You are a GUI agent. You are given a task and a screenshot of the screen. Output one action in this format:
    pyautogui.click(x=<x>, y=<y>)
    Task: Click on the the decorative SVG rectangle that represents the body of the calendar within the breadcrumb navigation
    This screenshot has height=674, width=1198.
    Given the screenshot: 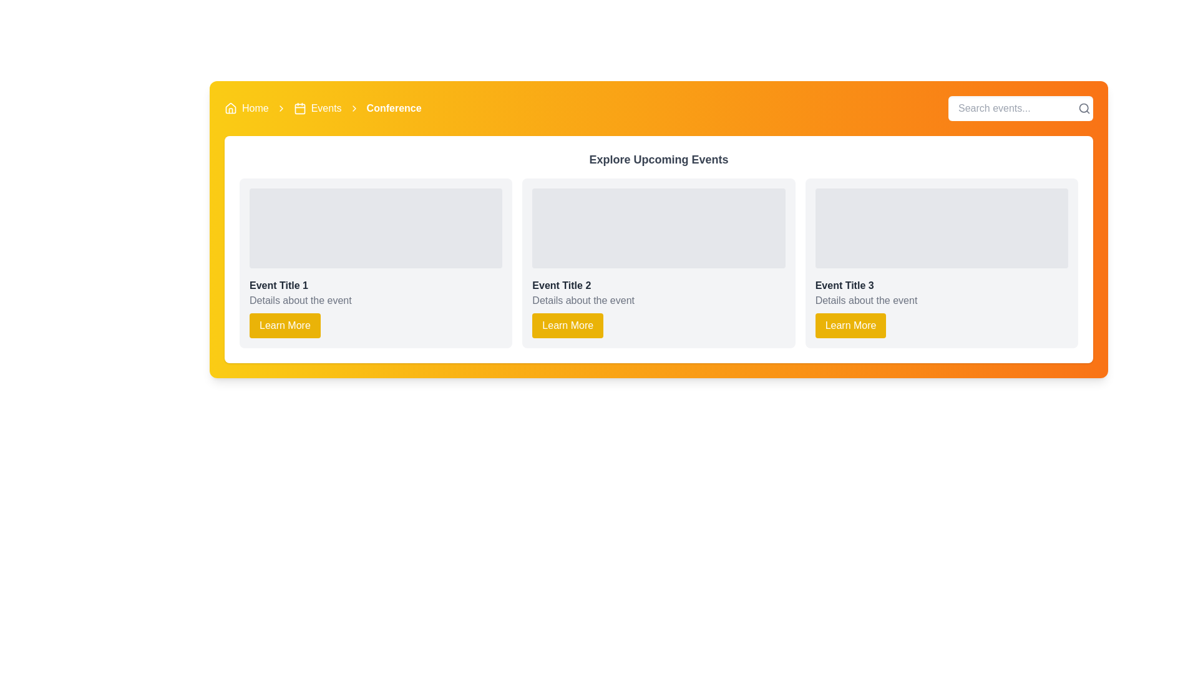 What is the action you would take?
    pyautogui.click(x=299, y=108)
    